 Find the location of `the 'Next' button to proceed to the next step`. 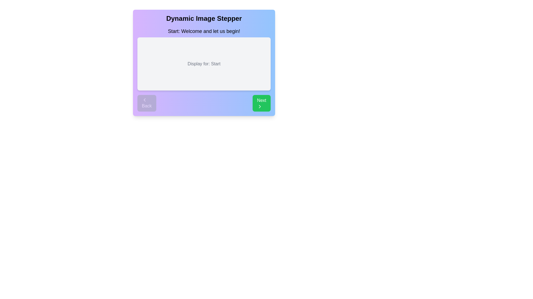

the 'Next' button to proceed to the next step is located at coordinates (261, 103).